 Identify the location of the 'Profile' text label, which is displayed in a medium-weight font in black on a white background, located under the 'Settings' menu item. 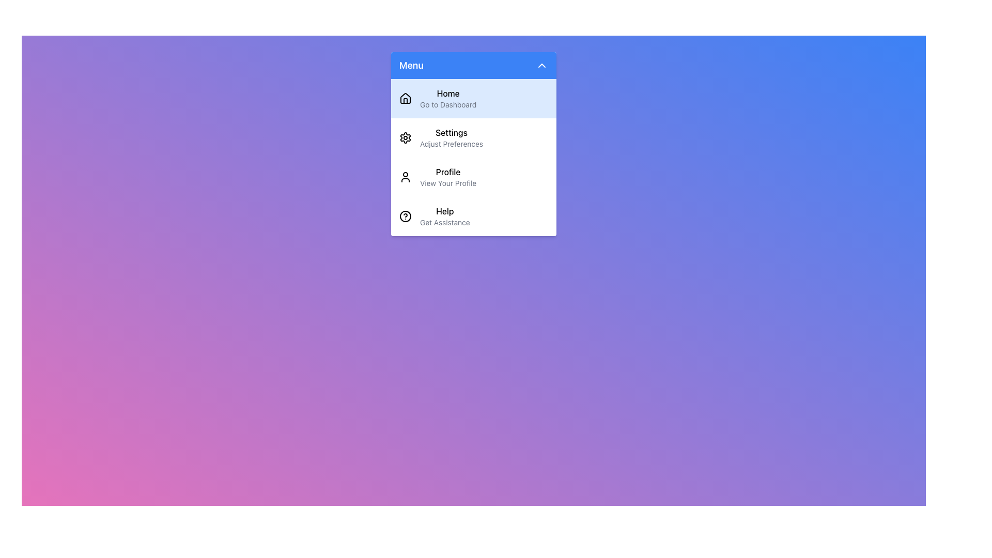
(448, 171).